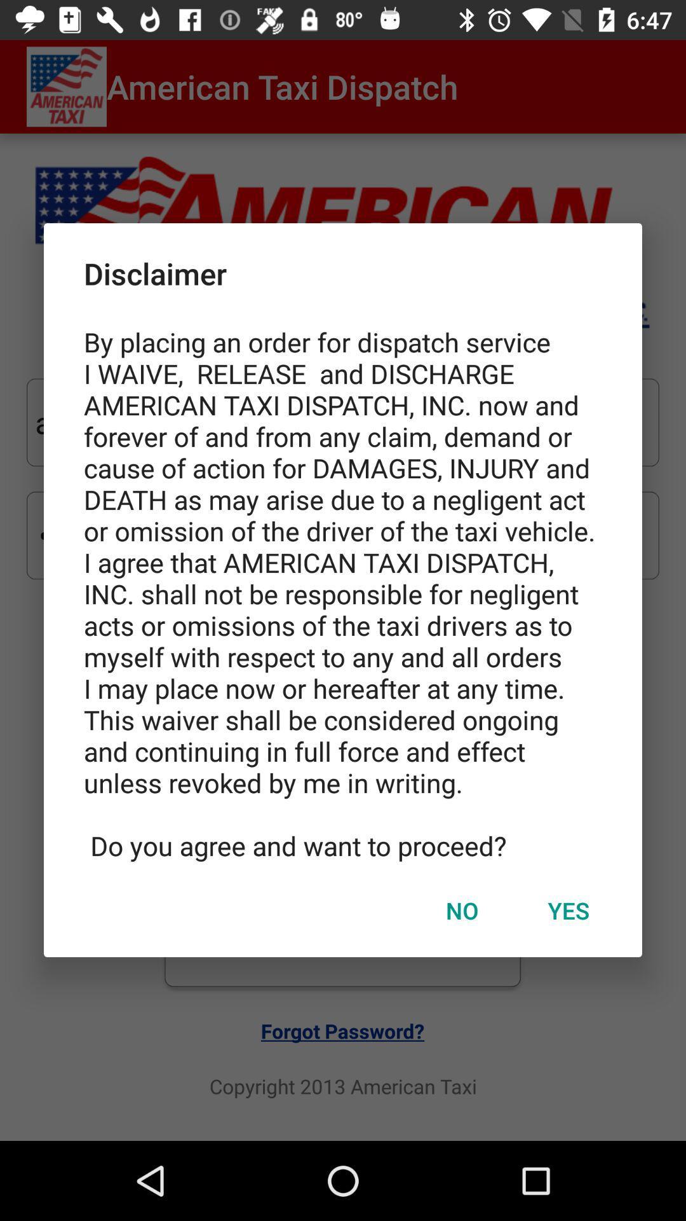 This screenshot has height=1221, width=686. I want to click on the icon next to no icon, so click(568, 909).